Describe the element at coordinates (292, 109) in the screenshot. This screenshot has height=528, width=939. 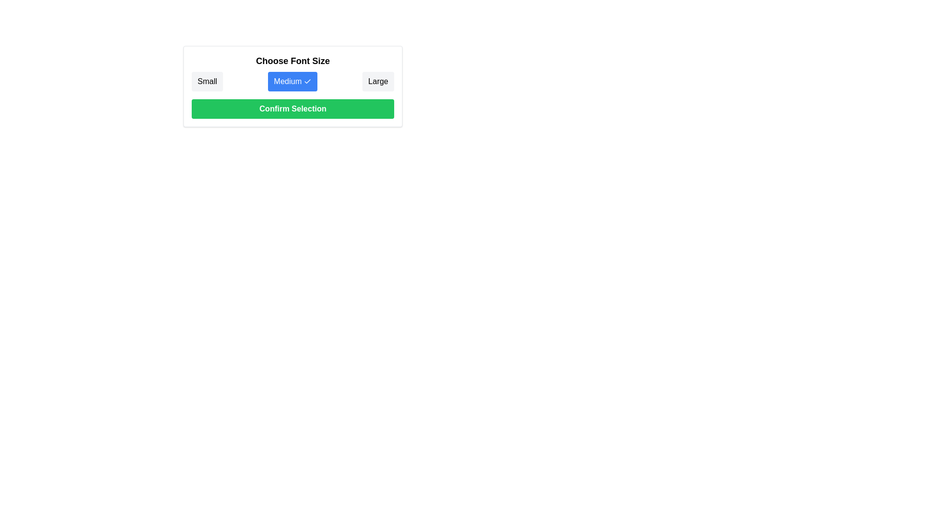
I see `the 'Confirm Selection' button, which is a vibrant green rectangular button with bold white text, located at the bottom of the 'Choose Font Size' section` at that location.